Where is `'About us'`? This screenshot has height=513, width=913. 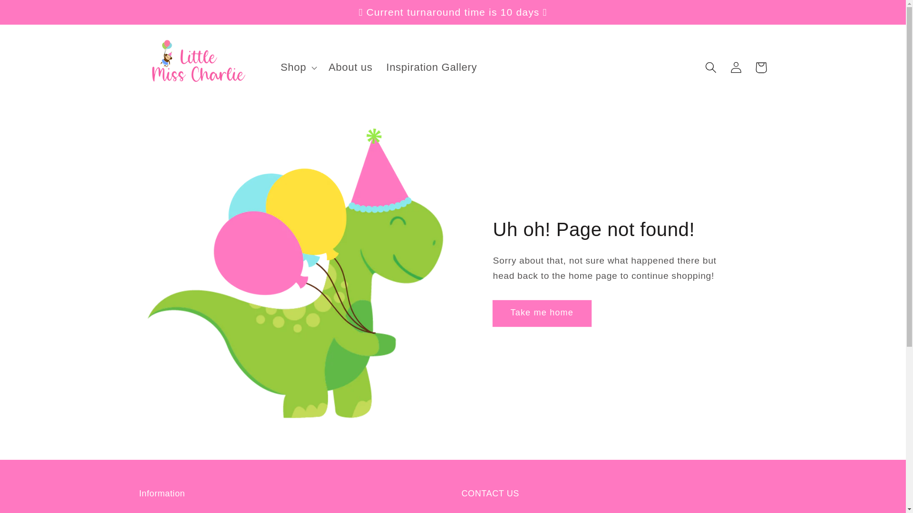 'About us' is located at coordinates (350, 67).